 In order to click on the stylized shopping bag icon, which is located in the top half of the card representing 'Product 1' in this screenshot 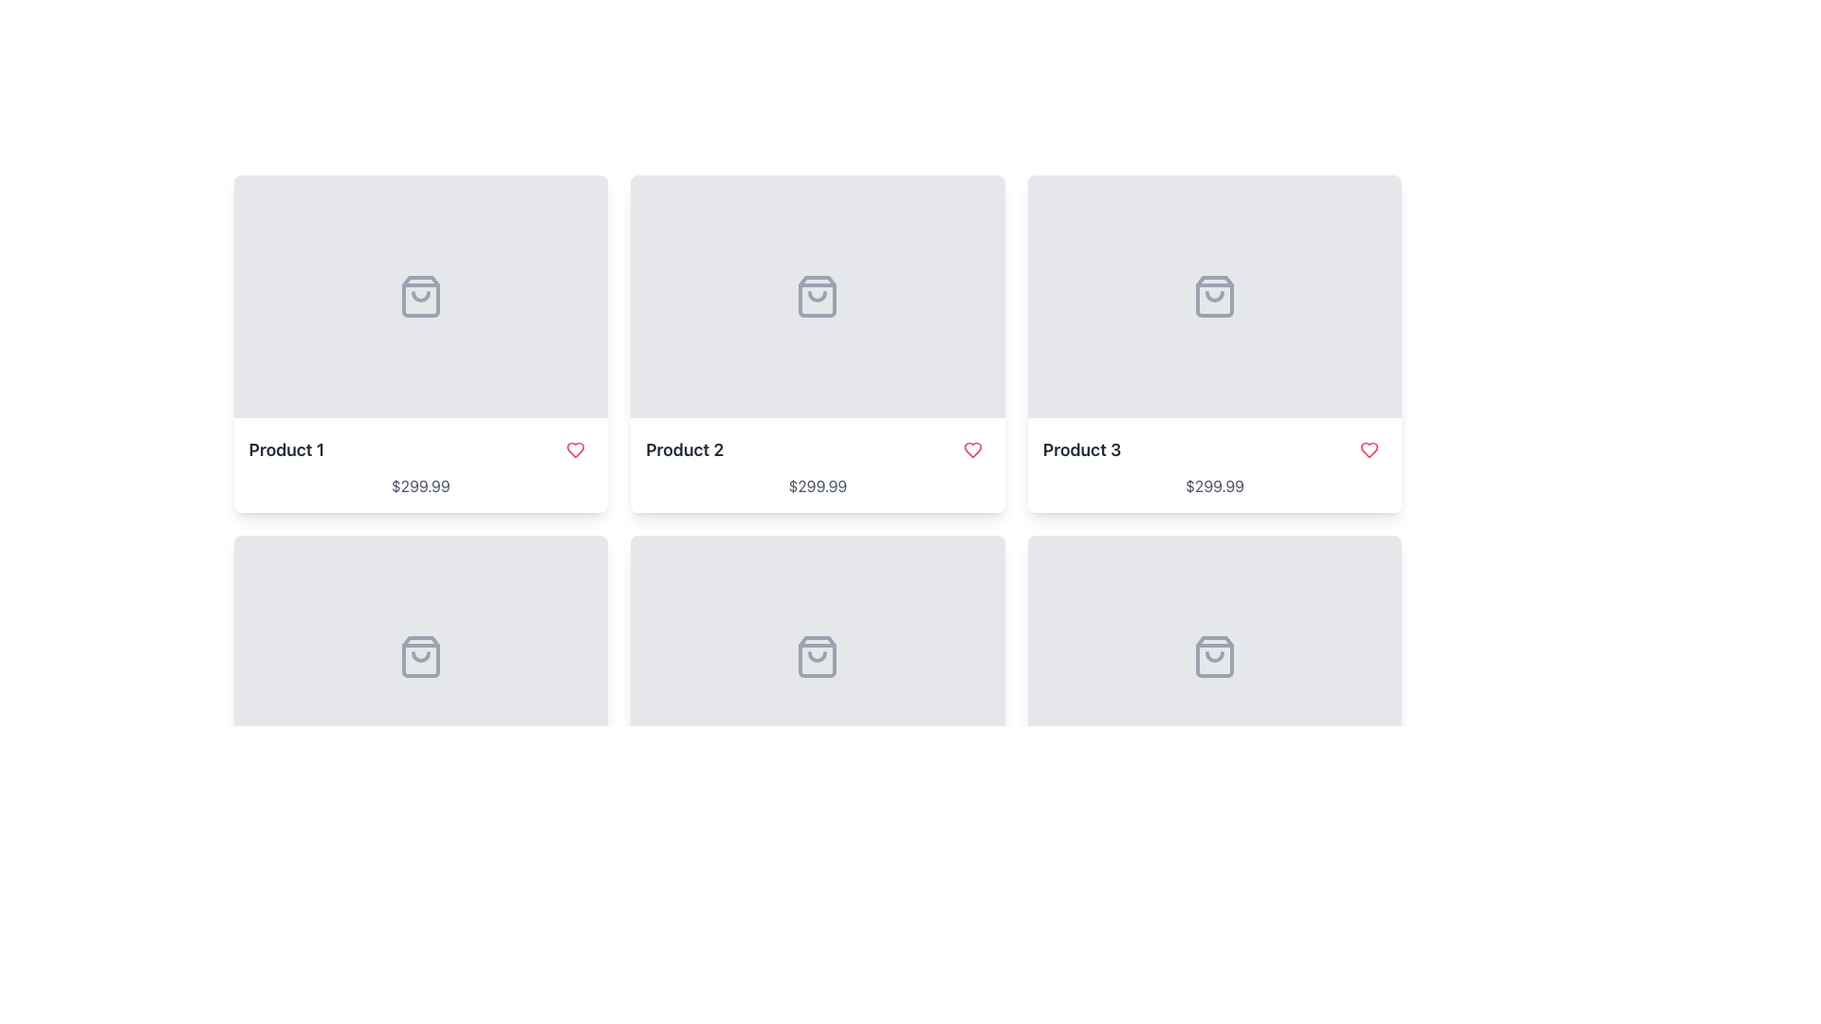, I will do `click(419, 296)`.